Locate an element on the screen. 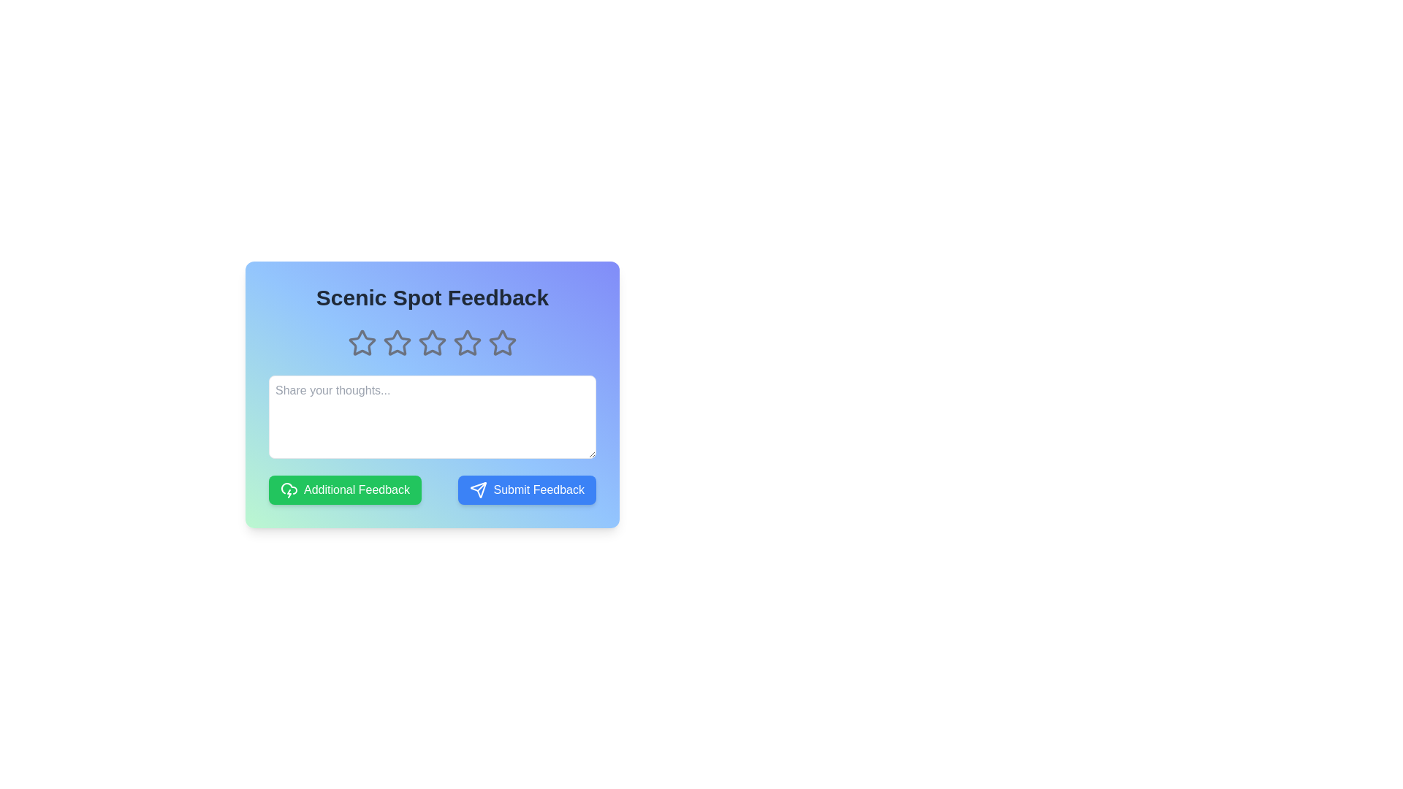  the 'Submit Feedback' button is located at coordinates (526, 490).